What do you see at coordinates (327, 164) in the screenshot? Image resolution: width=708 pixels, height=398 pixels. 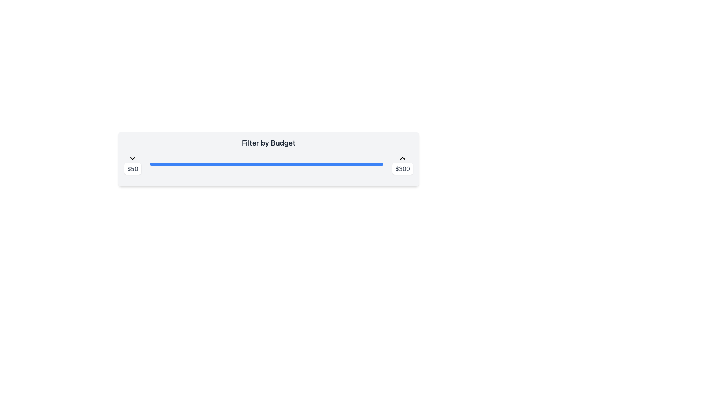 I see `the value of the slider` at bounding box center [327, 164].